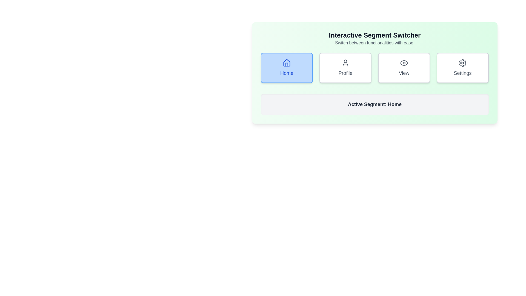 This screenshot has width=526, height=296. I want to click on the text block that provides auxiliary information about the 'Interactive Segment Switcher' heading, located at the top-center of the green background area, so click(375, 43).